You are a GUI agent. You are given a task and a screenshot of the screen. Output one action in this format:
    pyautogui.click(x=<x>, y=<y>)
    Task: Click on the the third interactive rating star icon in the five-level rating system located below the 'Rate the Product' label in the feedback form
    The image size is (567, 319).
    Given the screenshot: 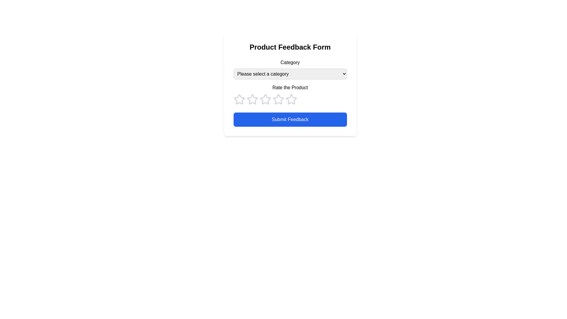 What is the action you would take?
    pyautogui.click(x=265, y=99)
    